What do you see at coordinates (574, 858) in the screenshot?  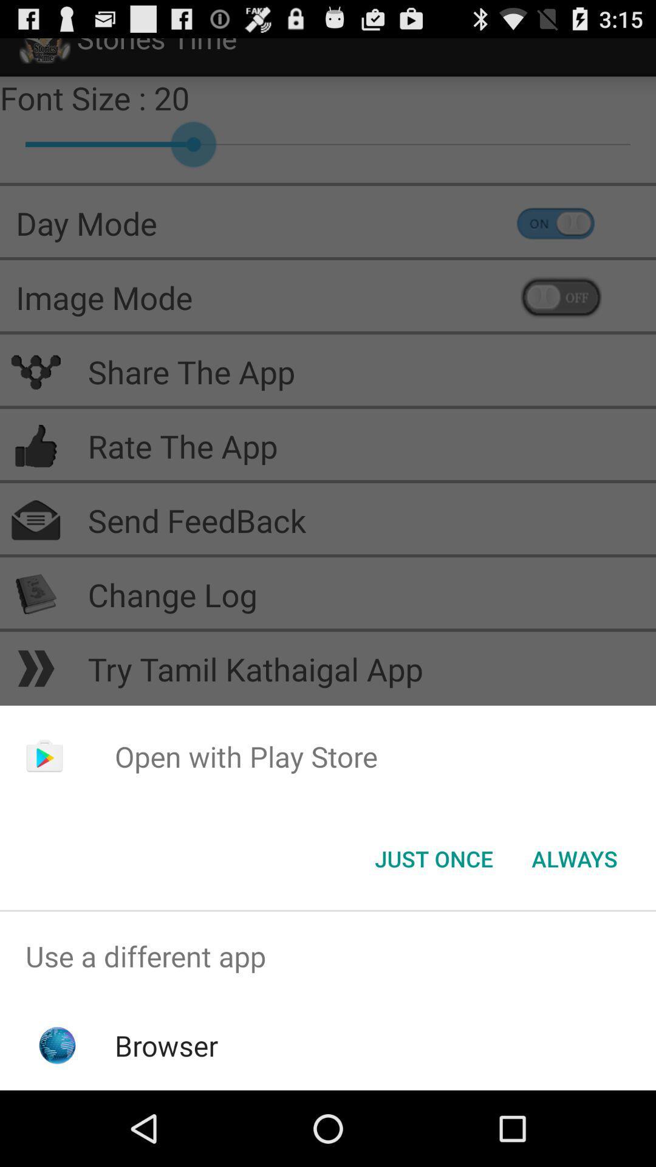 I see `always icon` at bounding box center [574, 858].